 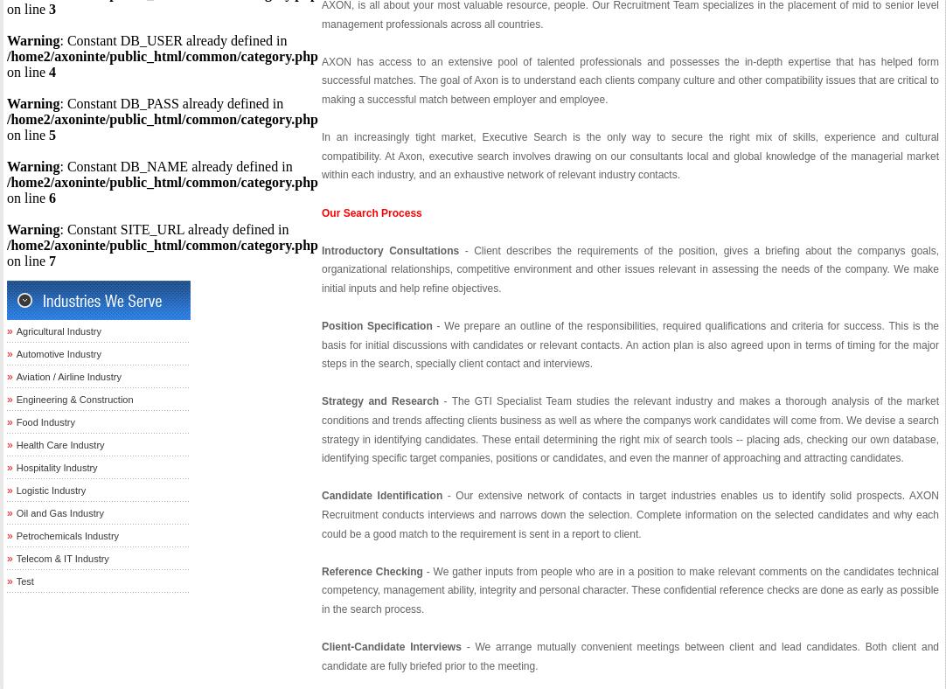 What do you see at coordinates (379, 400) in the screenshot?
I see `'Strategy and Research'` at bounding box center [379, 400].